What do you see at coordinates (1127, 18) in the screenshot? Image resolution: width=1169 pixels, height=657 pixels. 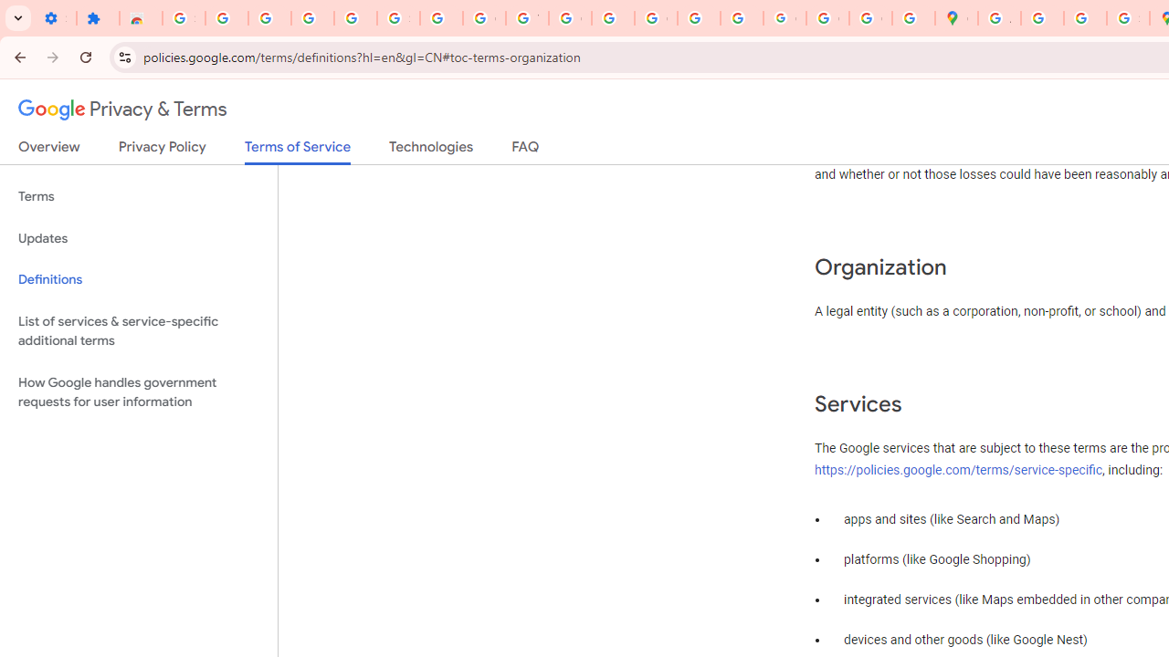 I see `'Safety in Our Products - Google Safety Center'` at bounding box center [1127, 18].